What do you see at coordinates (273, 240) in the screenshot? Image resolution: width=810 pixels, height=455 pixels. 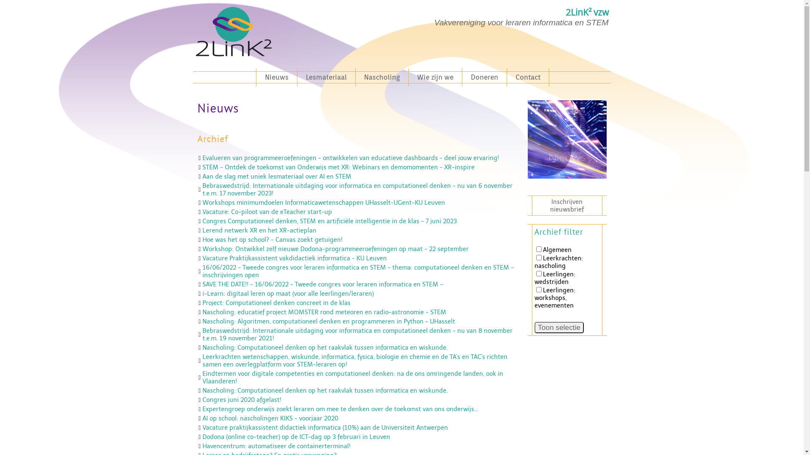 I see `'Hoe was het op school? - Canvas zoekt getuigen!'` at bounding box center [273, 240].